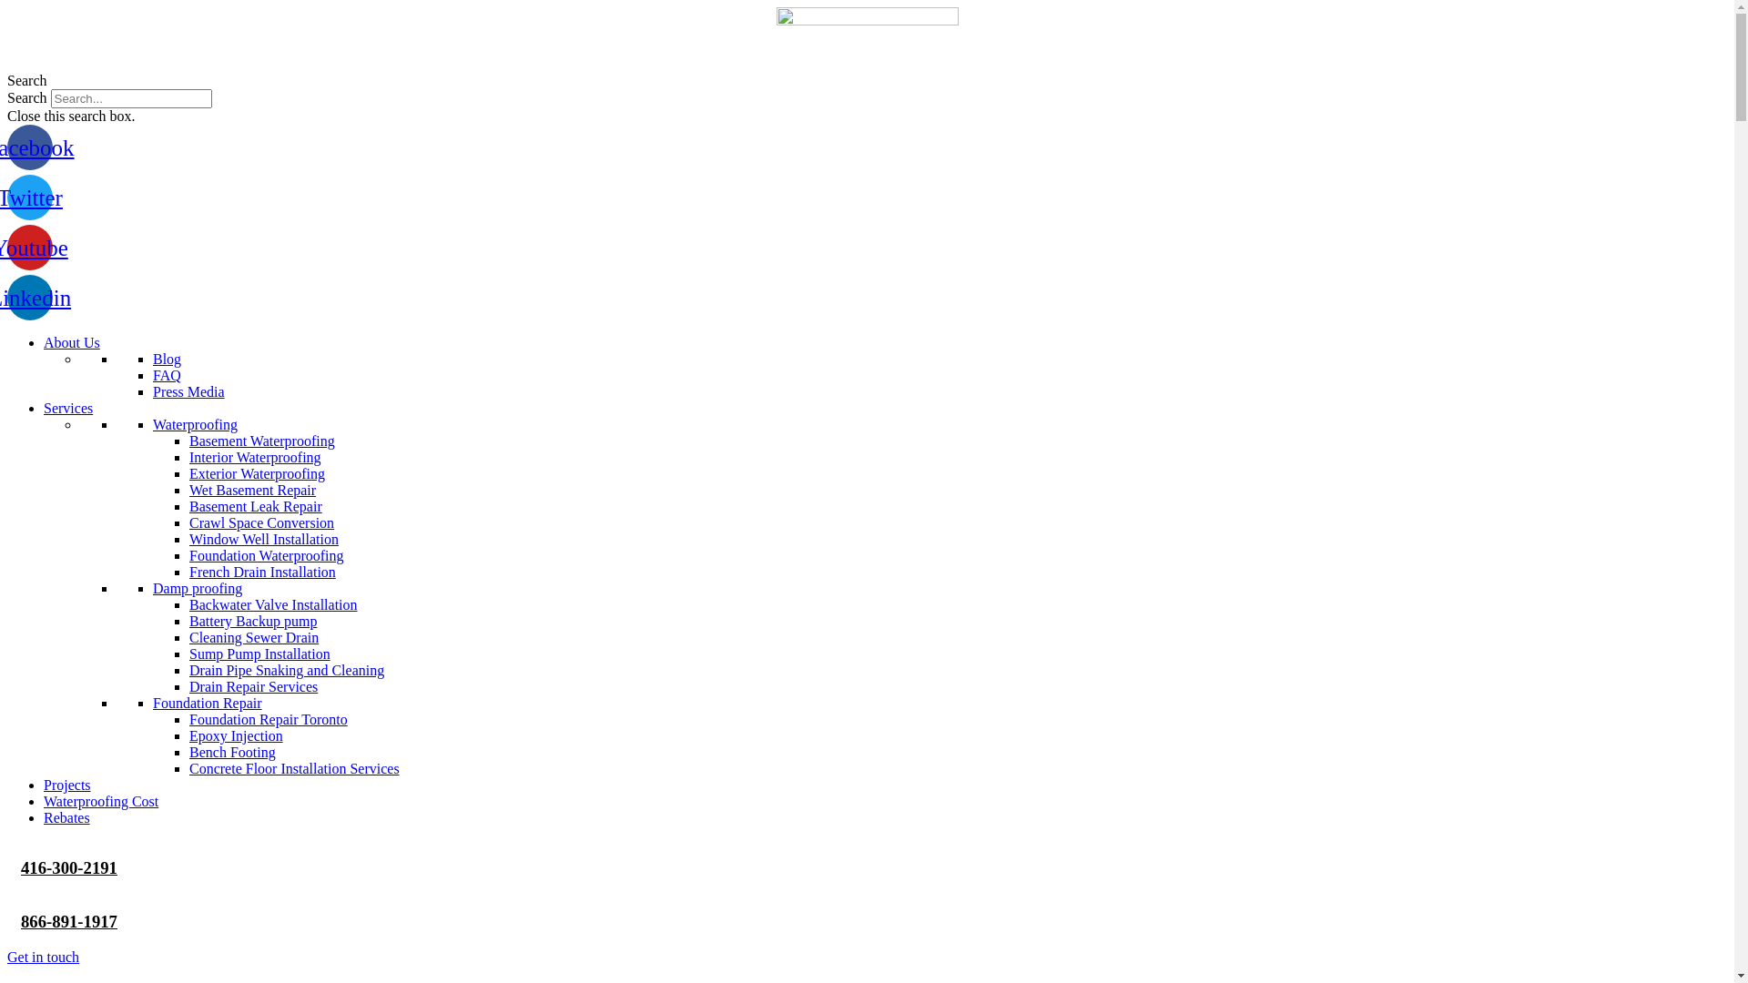 The height and width of the screenshot is (983, 1748). I want to click on '866-891-1917', so click(21, 921).